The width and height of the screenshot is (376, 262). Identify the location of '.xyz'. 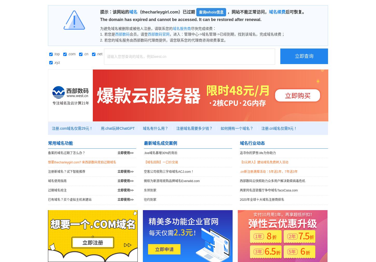
(56, 62).